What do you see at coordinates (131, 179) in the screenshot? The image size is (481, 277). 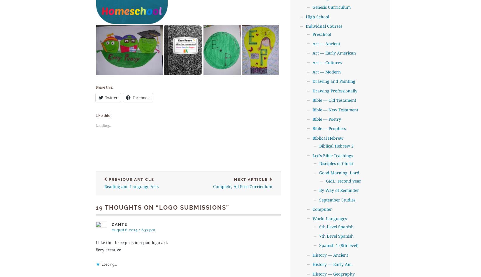 I see `'Previous Article'` at bounding box center [131, 179].